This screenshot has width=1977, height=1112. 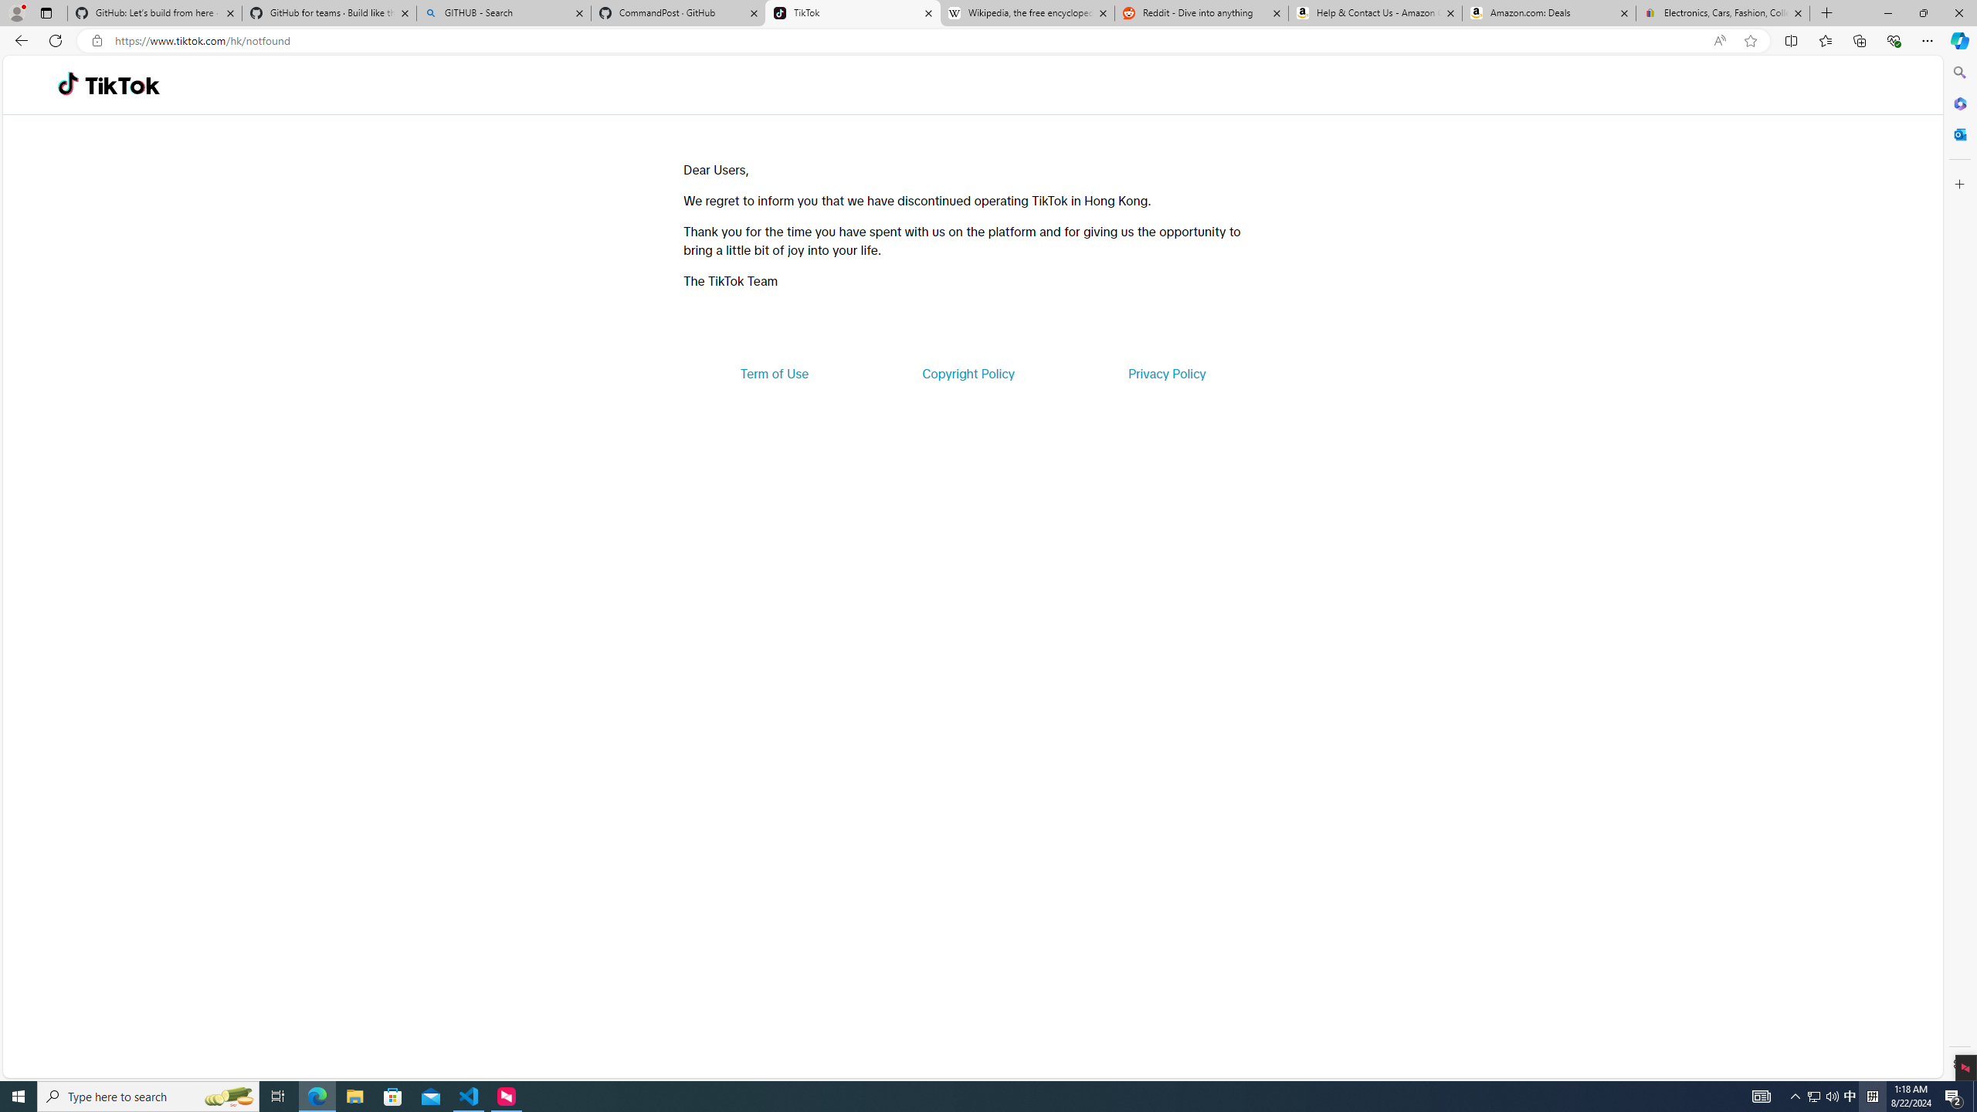 What do you see at coordinates (1750, 41) in the screenshot?
I see `'Add this page to favorites (Ctrl+D)'` at bounding box center [1750, 41].